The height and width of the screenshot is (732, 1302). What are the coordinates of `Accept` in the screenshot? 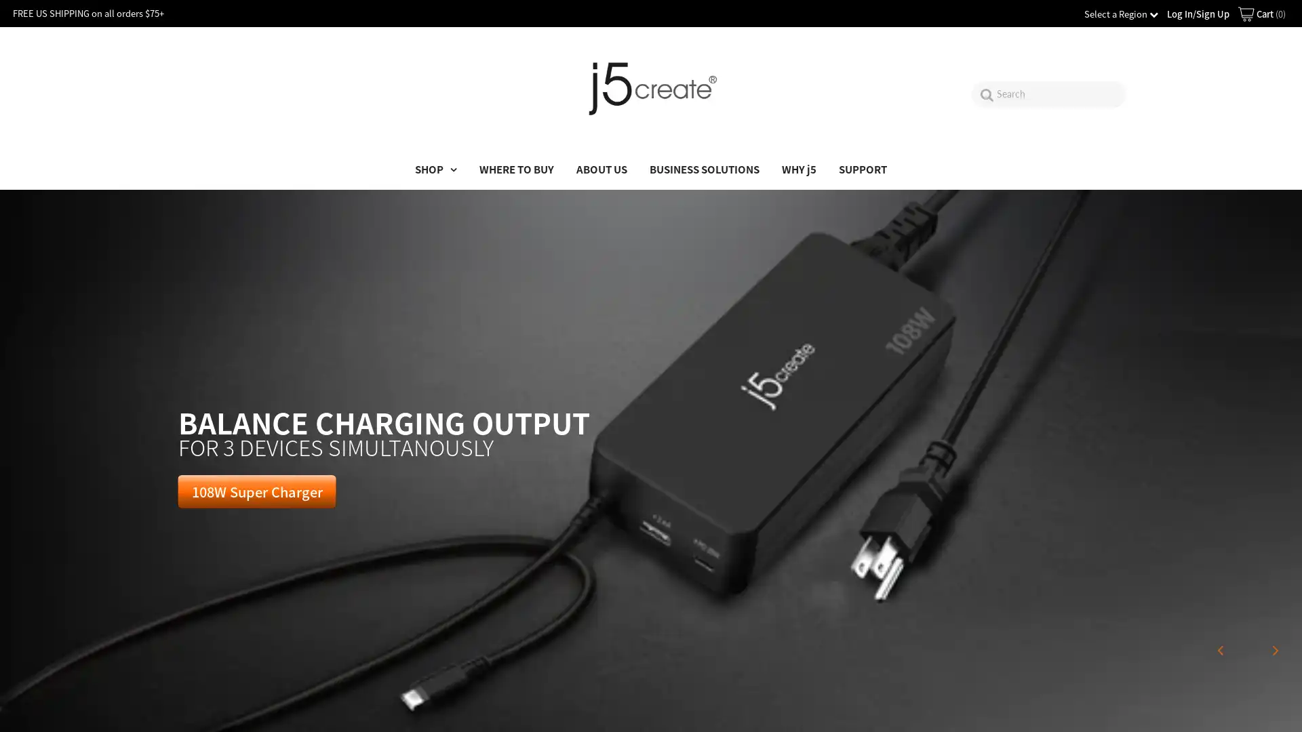 It's located at (1234, 708).